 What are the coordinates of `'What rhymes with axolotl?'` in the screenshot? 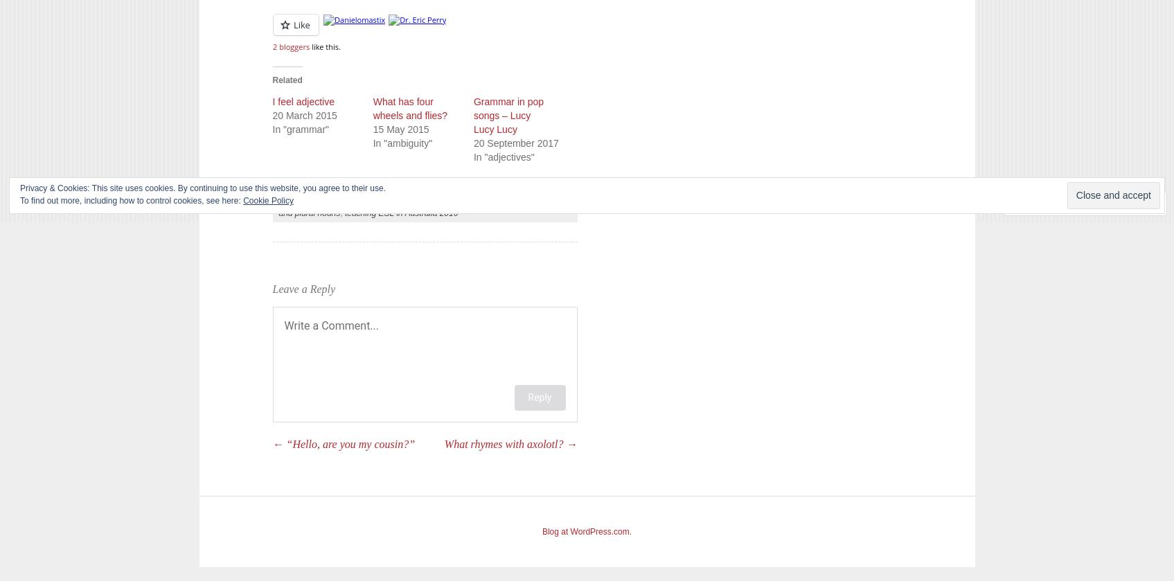 It's located at (504, 443).